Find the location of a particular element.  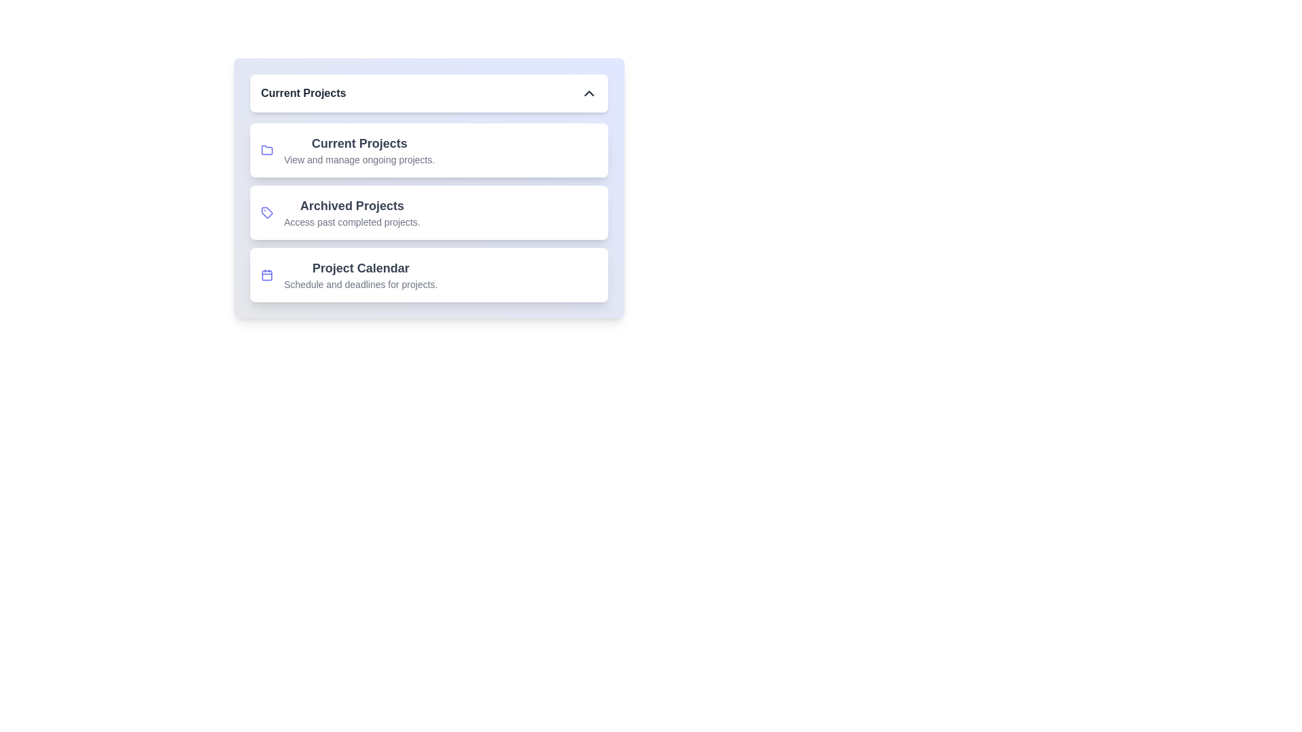

toggle button at the top of the menu to toggle its open/closed state is located at coordinates (429, 93).